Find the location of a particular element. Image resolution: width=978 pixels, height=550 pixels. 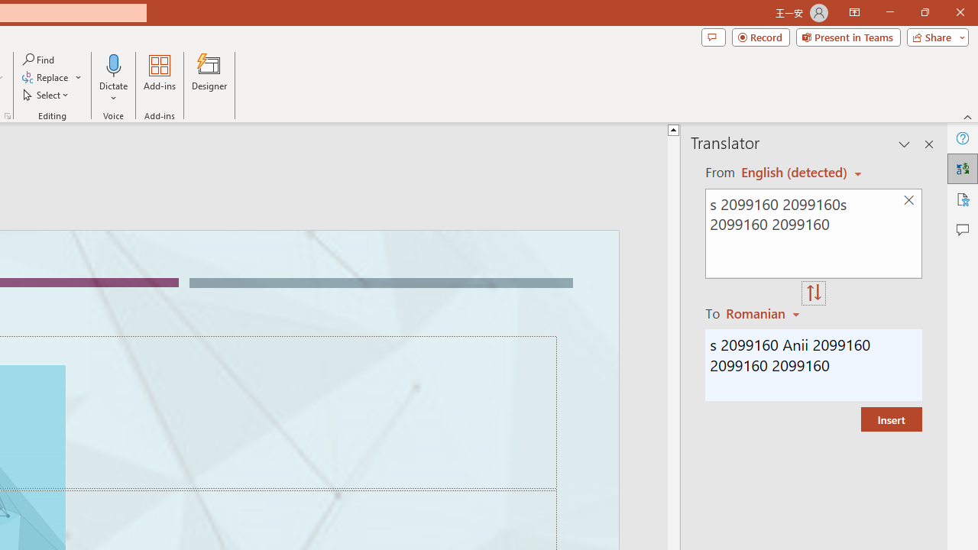

'Line up' is located at coordinates (695, 128).